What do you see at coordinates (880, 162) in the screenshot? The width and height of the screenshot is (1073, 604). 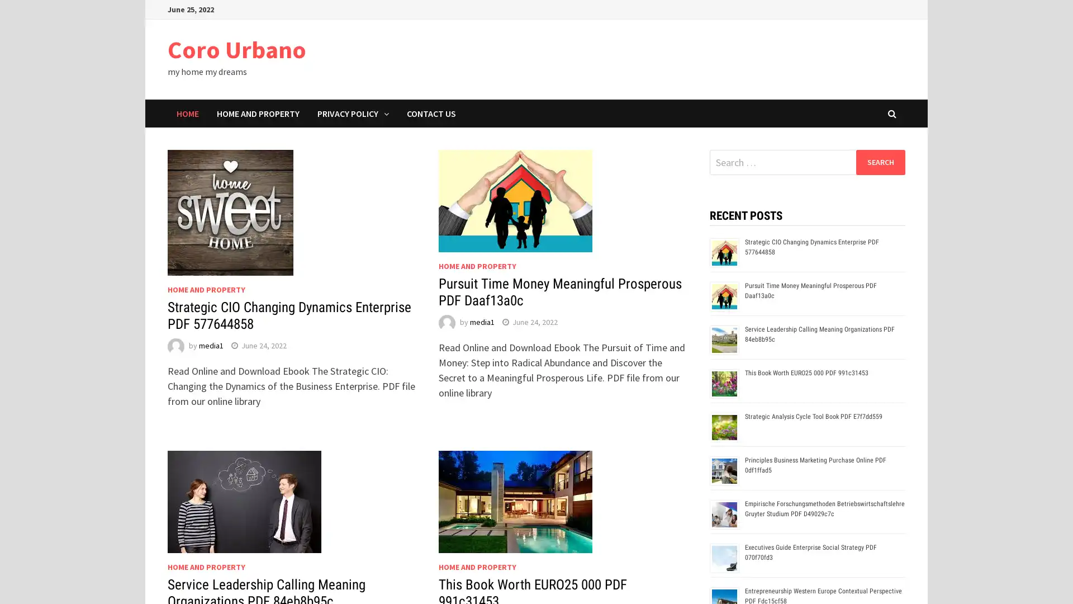 I see `Search` at bounding box center [880, 162].